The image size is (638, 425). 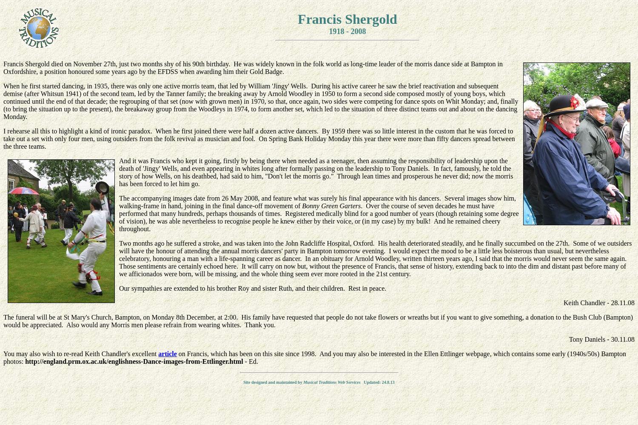 I want to click on '1918 - 2008', so click(x=347, y=31).